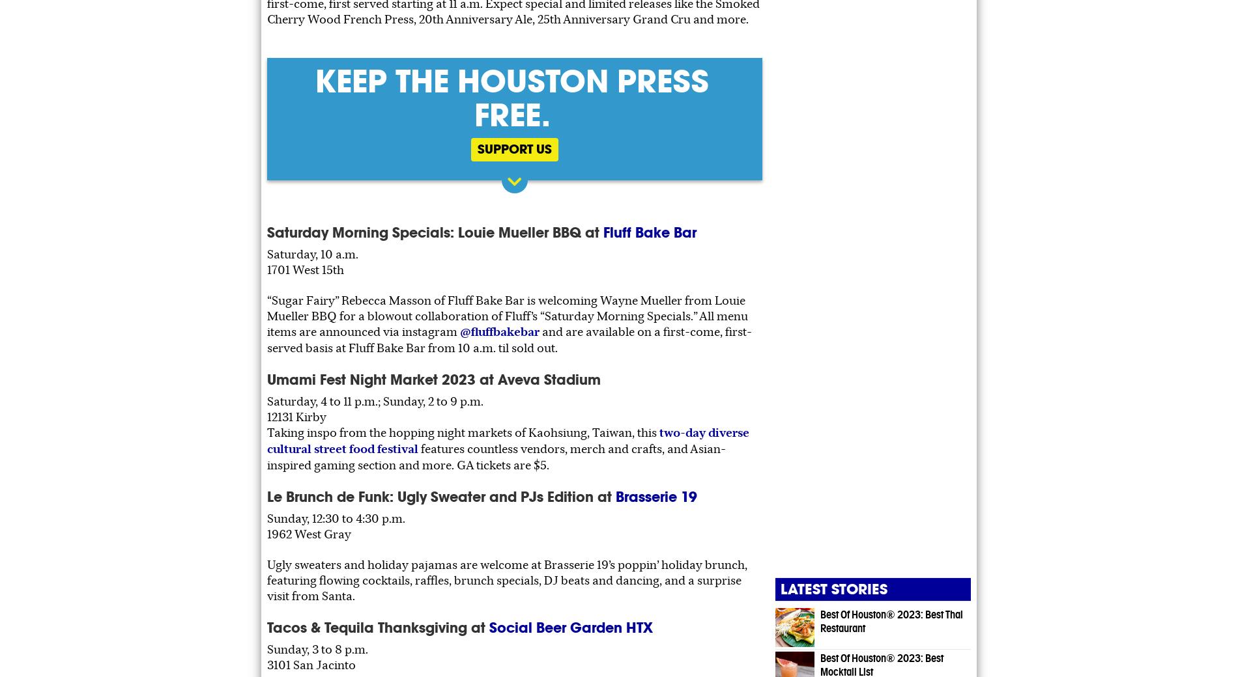  What do you see at coordinates (506, 579) in the screenshot?
I see `'Ugly sweaters and holiday pajamas are welcome at Brasserie 19’s poppin’ holiday brunch, featuring flowing cocktails, raffles, brunch specials, DJ beats and dancing, and a surprise visit from Santa.'` at bounding box center [506, 579].